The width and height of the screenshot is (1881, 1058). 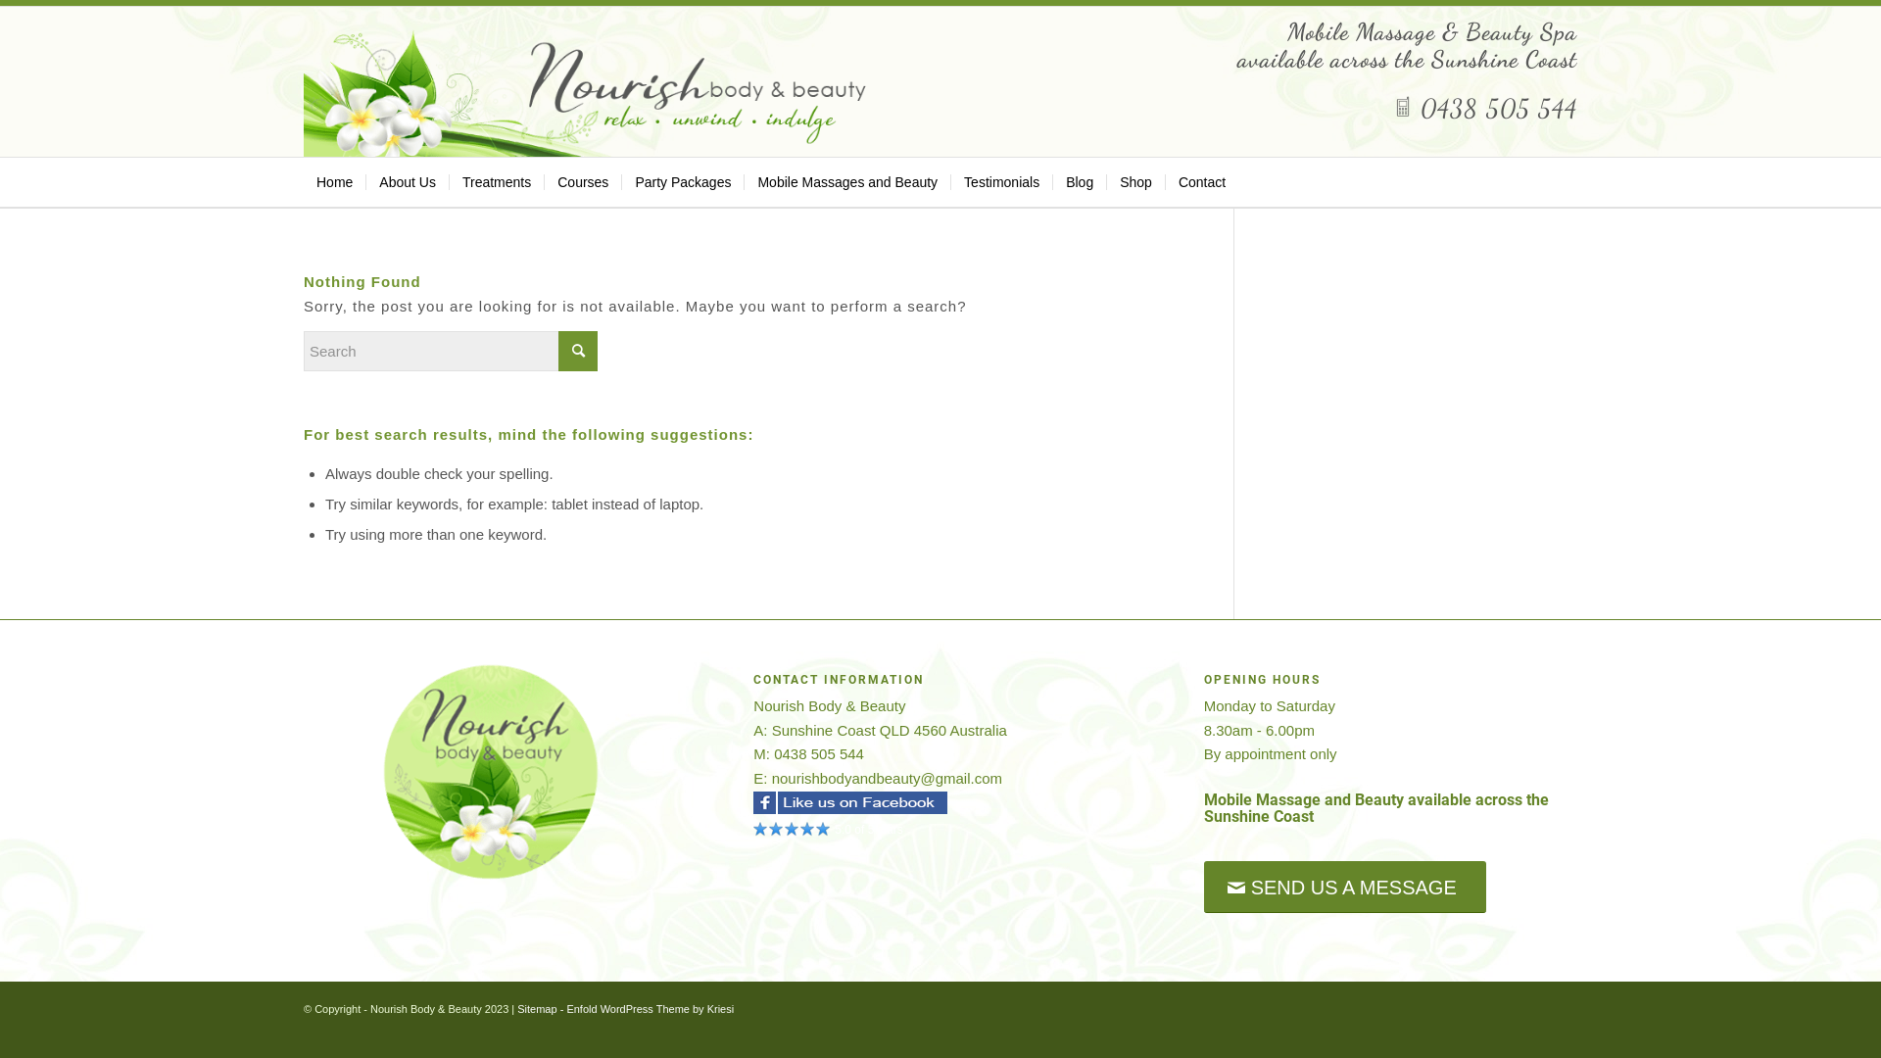 What do you see at coordinates (742, 181) in the screenshot?
I see `'Mobile Massages and Beauty'` at bounding box center [742, 181].